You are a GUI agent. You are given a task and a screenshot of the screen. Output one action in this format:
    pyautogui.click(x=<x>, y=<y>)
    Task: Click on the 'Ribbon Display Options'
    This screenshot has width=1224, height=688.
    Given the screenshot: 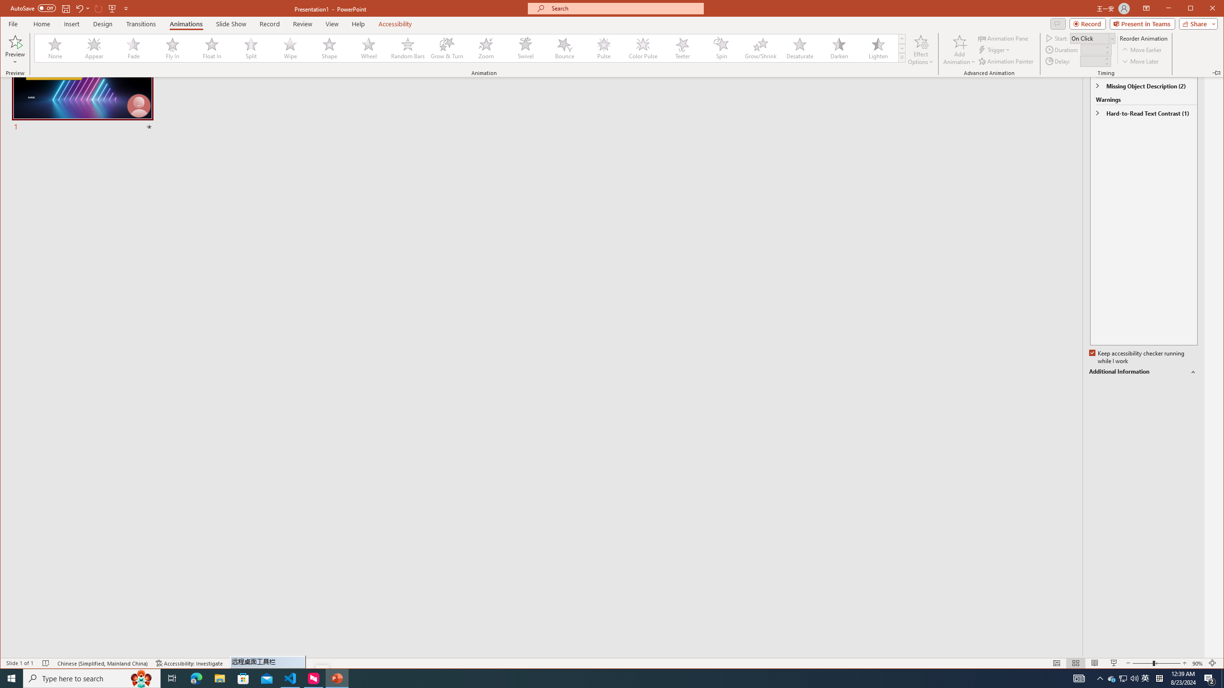 What is the action you would take?
    pyautogui.click(x=1146, y=9)
    